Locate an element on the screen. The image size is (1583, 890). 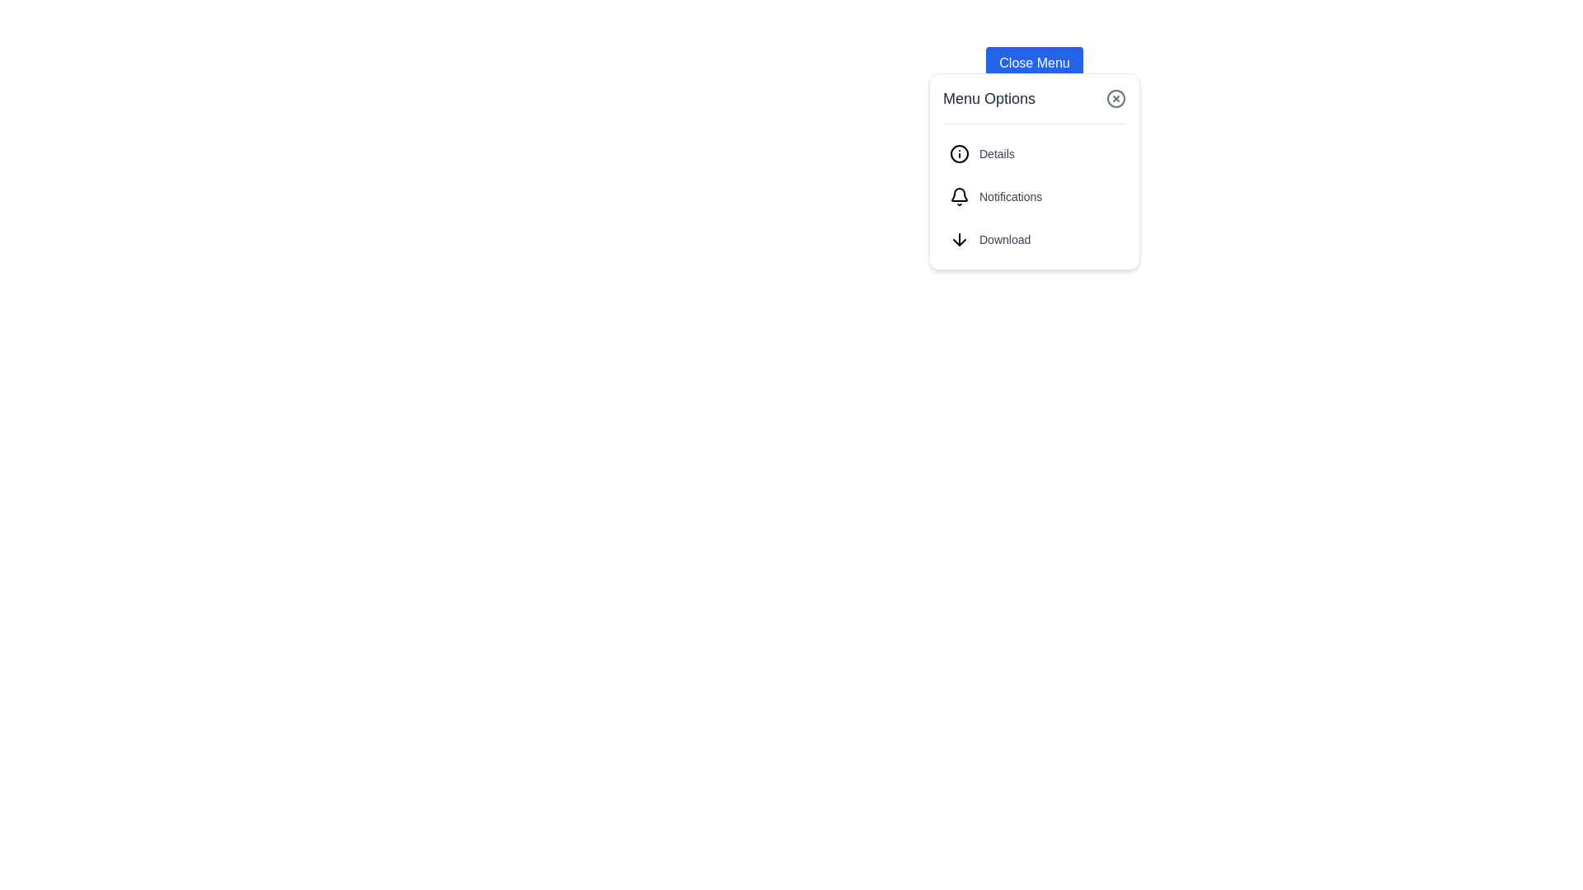
the 'Notifications' menu option, which is the second item in a vertical list of three options in the menu is located at coordinates (1033, 196).